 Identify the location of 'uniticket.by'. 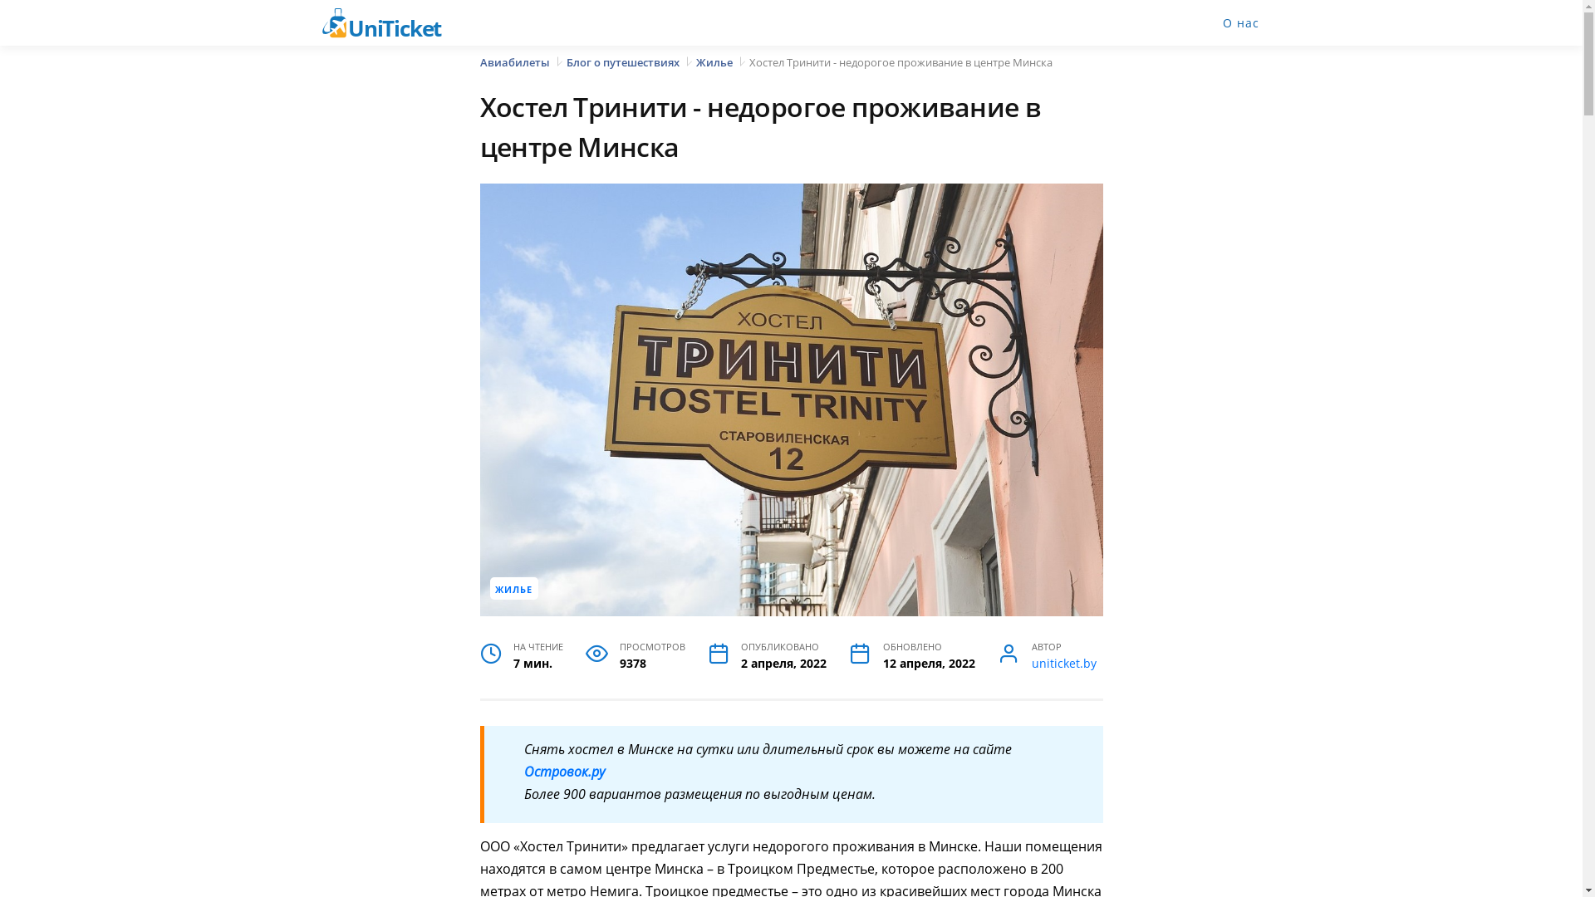
(1064, 662).